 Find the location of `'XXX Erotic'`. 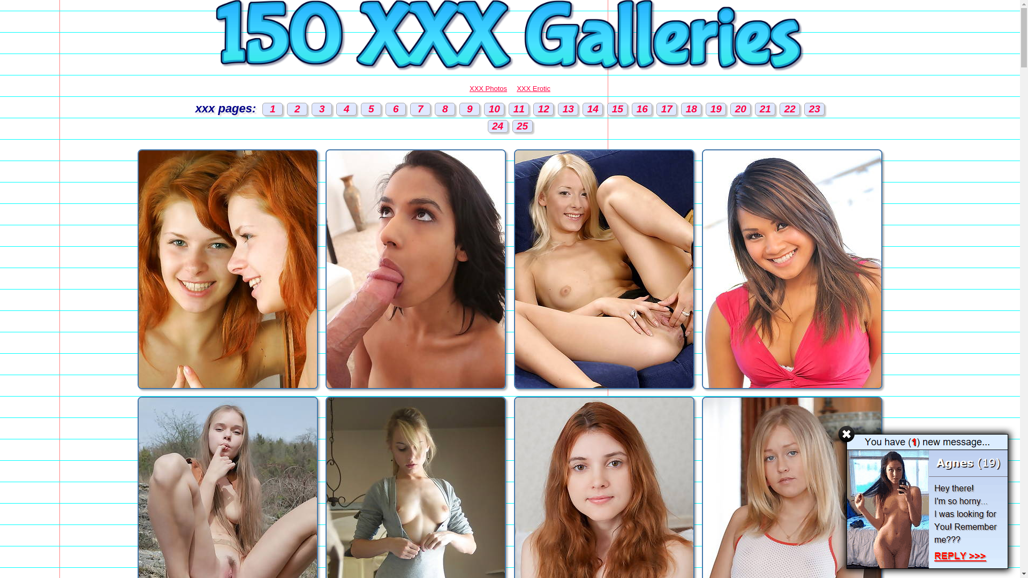

'XXX Erotic' is located at coordinates (533, 88).